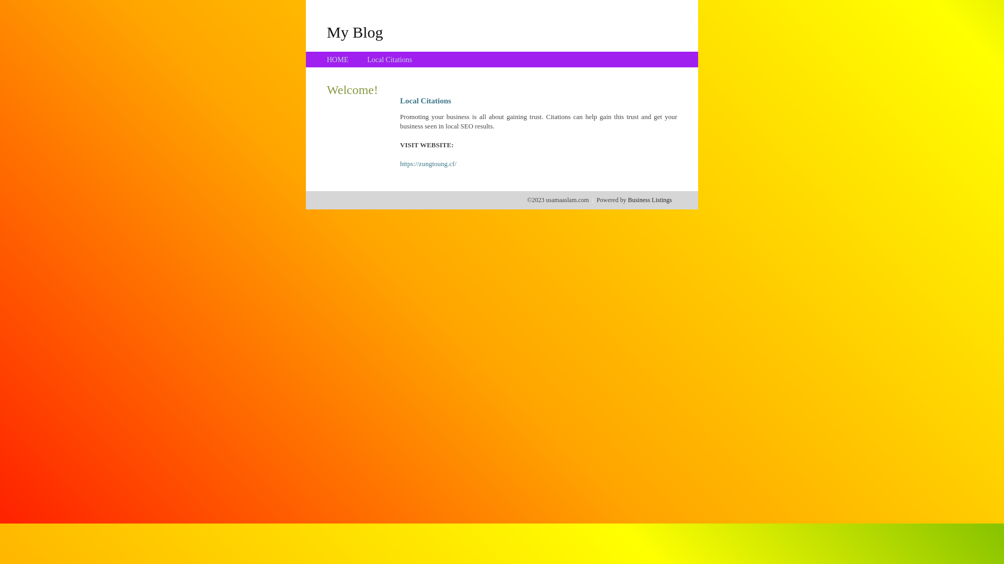  What do you see at coordinates (649, 199) in the screenshot?
I see `'Business Listings'` at bounding box center [649, 199].